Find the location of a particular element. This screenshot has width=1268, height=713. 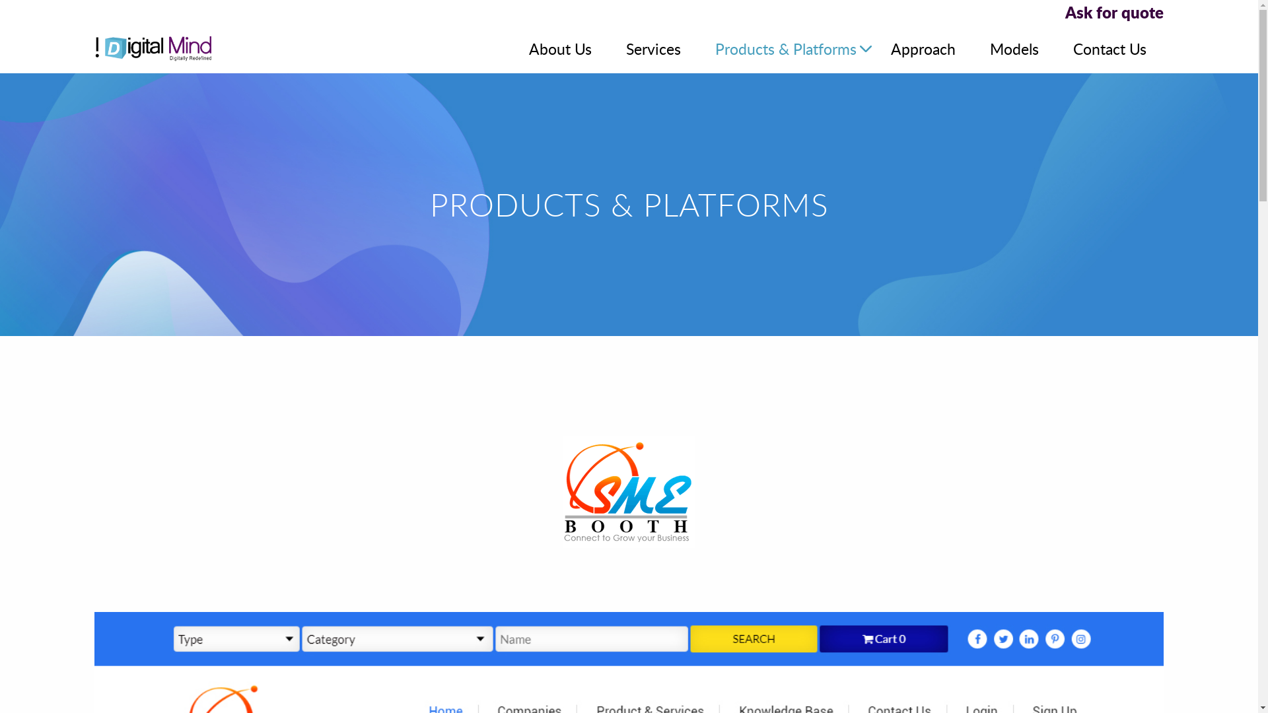

'About Us' is located at coordinates (560, 48).